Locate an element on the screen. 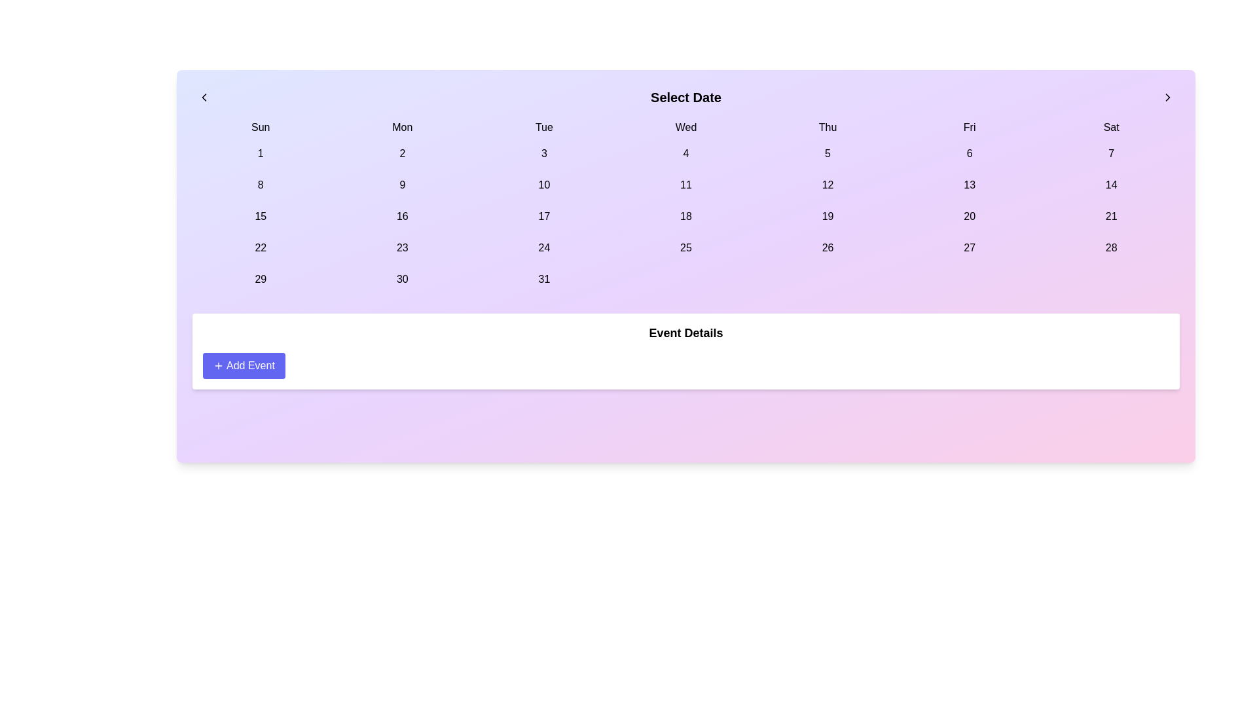 This screenshot has width=1257, height=707. the static text label indicating the weekday Thursday, which is positioned between Wednesday and Friday in the calendar widget is located at coordinates (827, 128).